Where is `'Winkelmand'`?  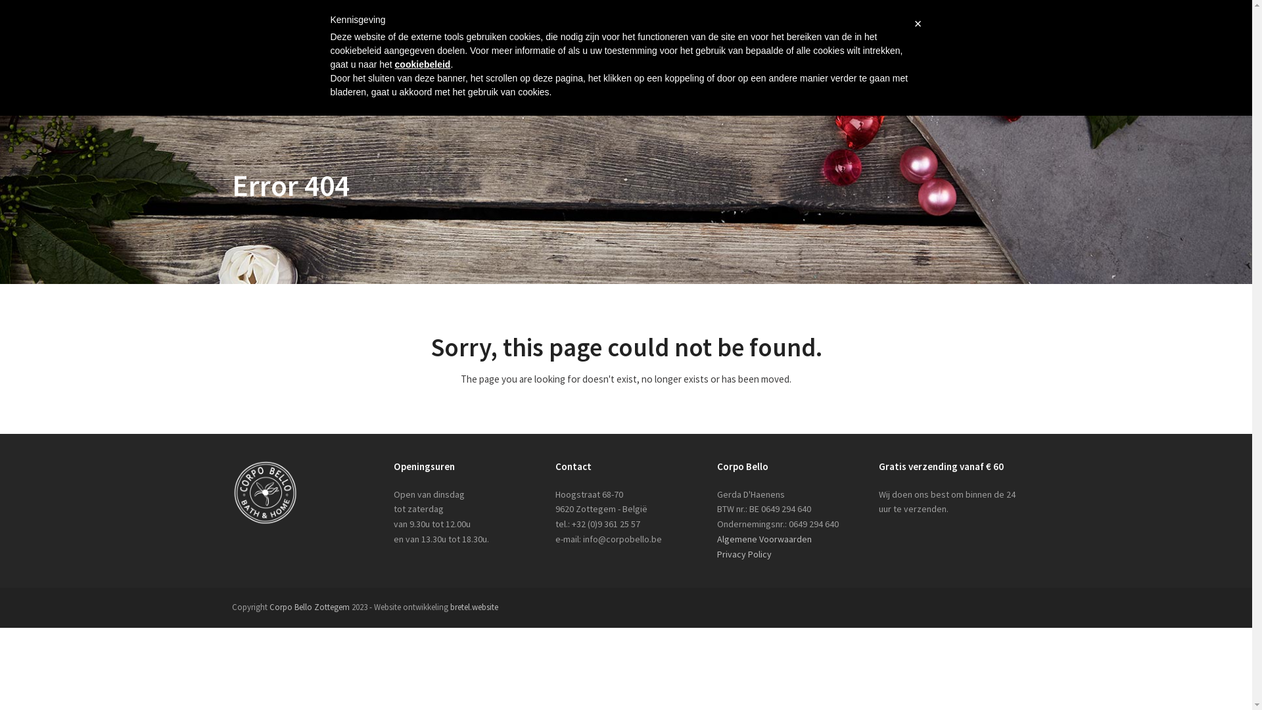
'Winkelmand' is located at coordinates (956, 9).